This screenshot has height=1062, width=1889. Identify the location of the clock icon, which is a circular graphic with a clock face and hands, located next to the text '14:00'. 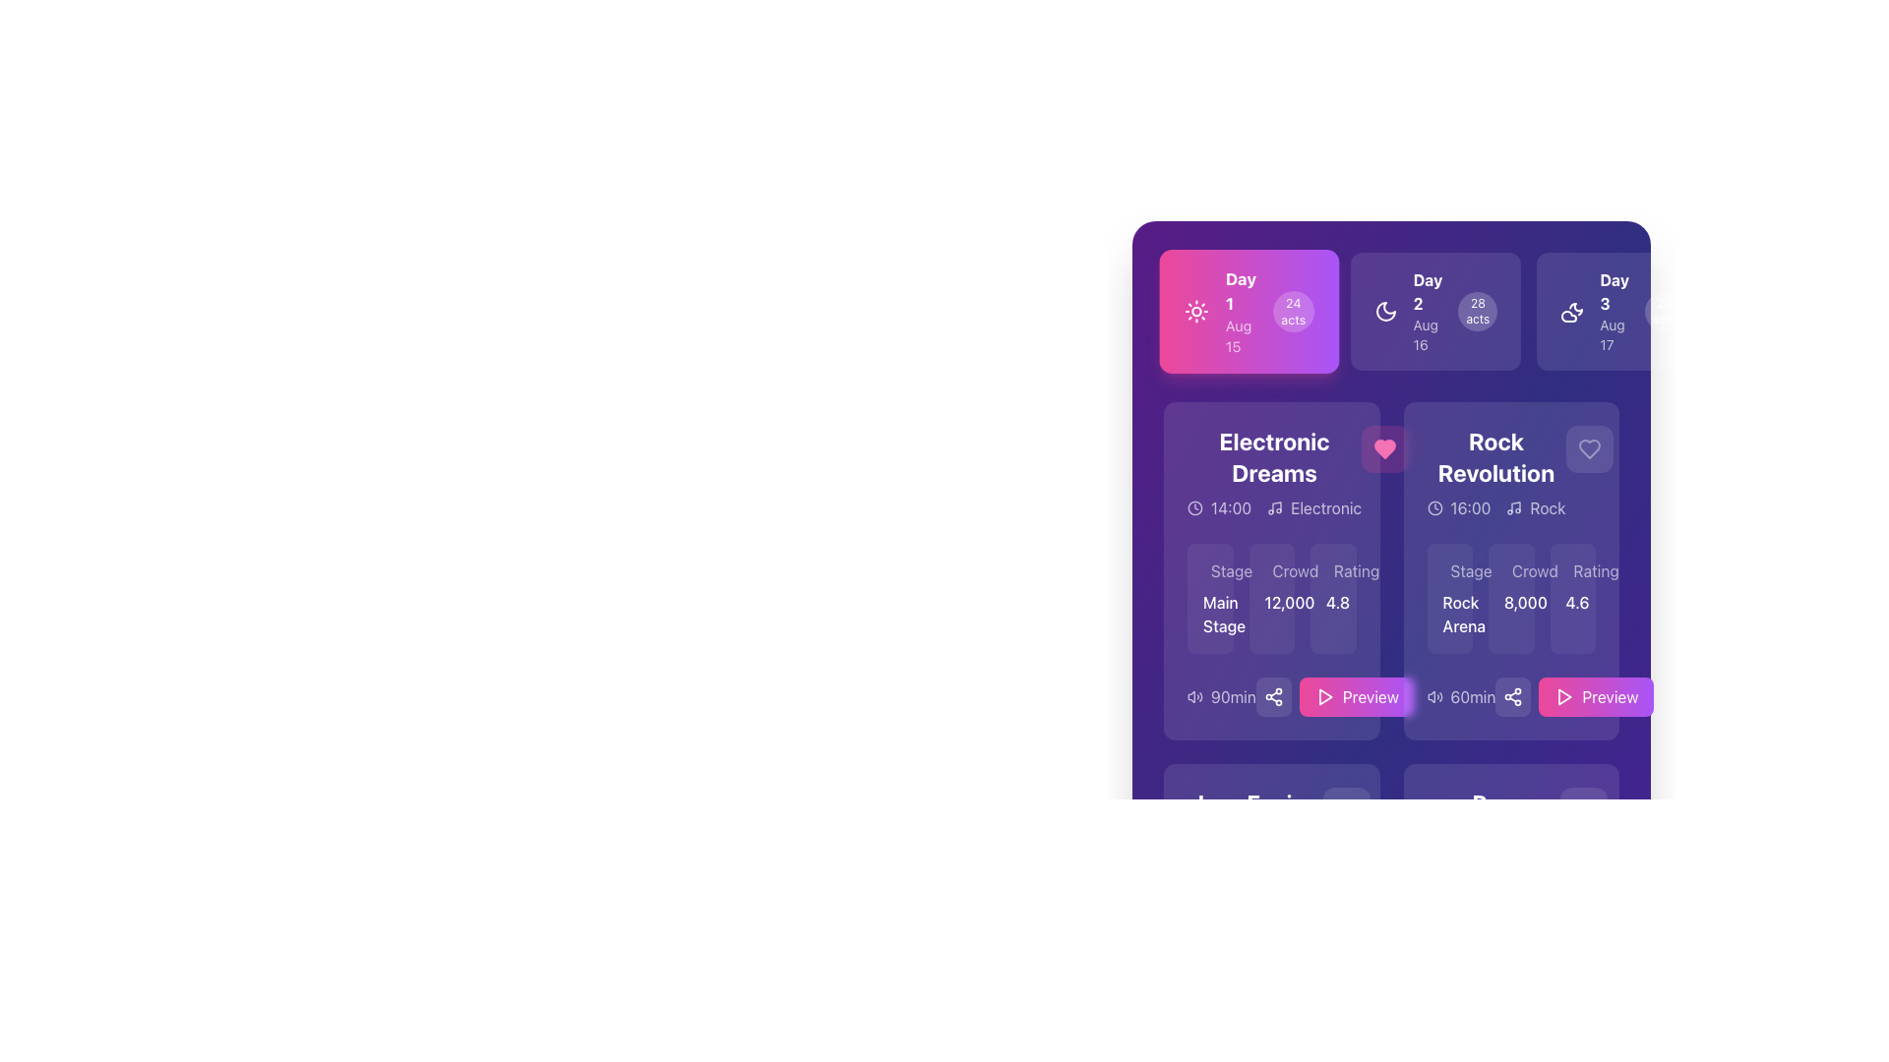
(1193, 506).